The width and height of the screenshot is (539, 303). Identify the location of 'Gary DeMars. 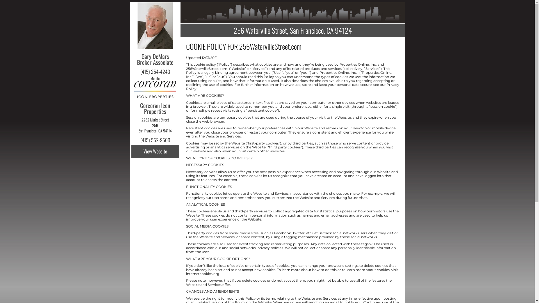
(137, 62).